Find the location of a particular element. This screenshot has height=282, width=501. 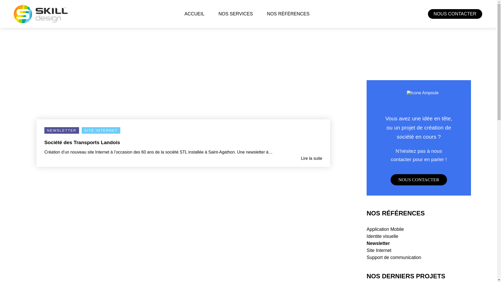

'NEWSLETTER' is located at coordinates (44, 130).